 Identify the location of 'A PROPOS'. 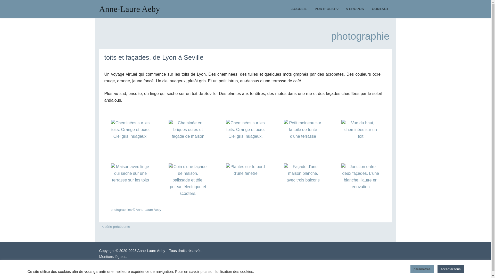
(354, 9).